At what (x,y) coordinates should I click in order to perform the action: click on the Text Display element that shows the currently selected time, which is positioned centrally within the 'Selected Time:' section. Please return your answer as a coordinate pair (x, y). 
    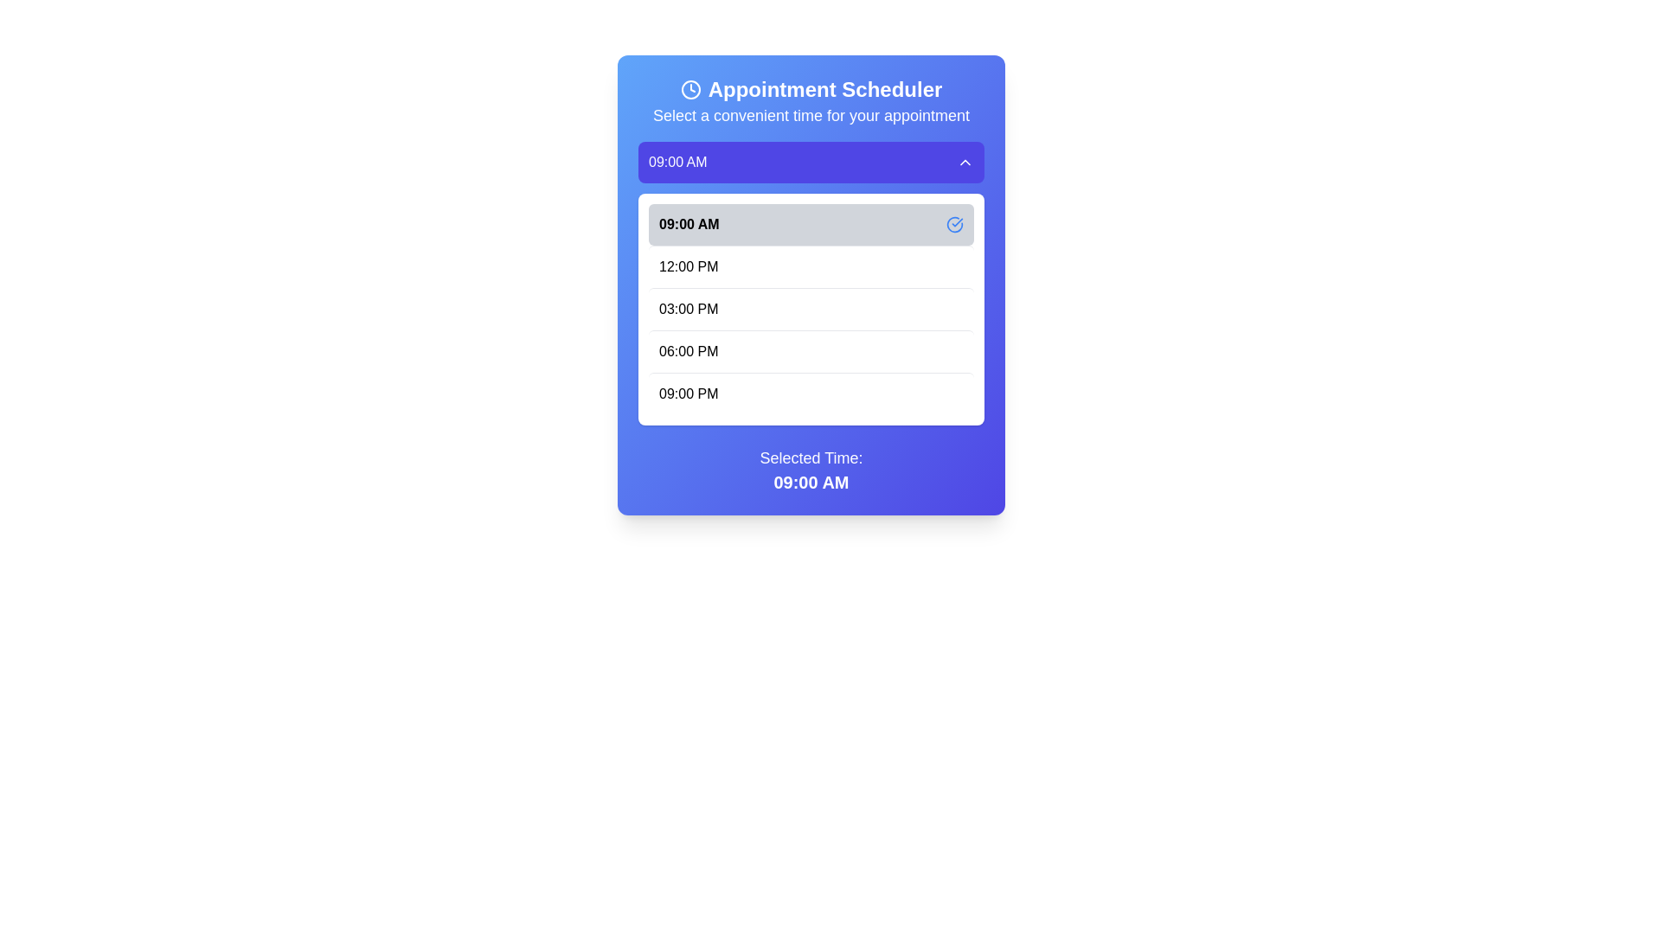
    Looking at the image, I should click on (810, 483).